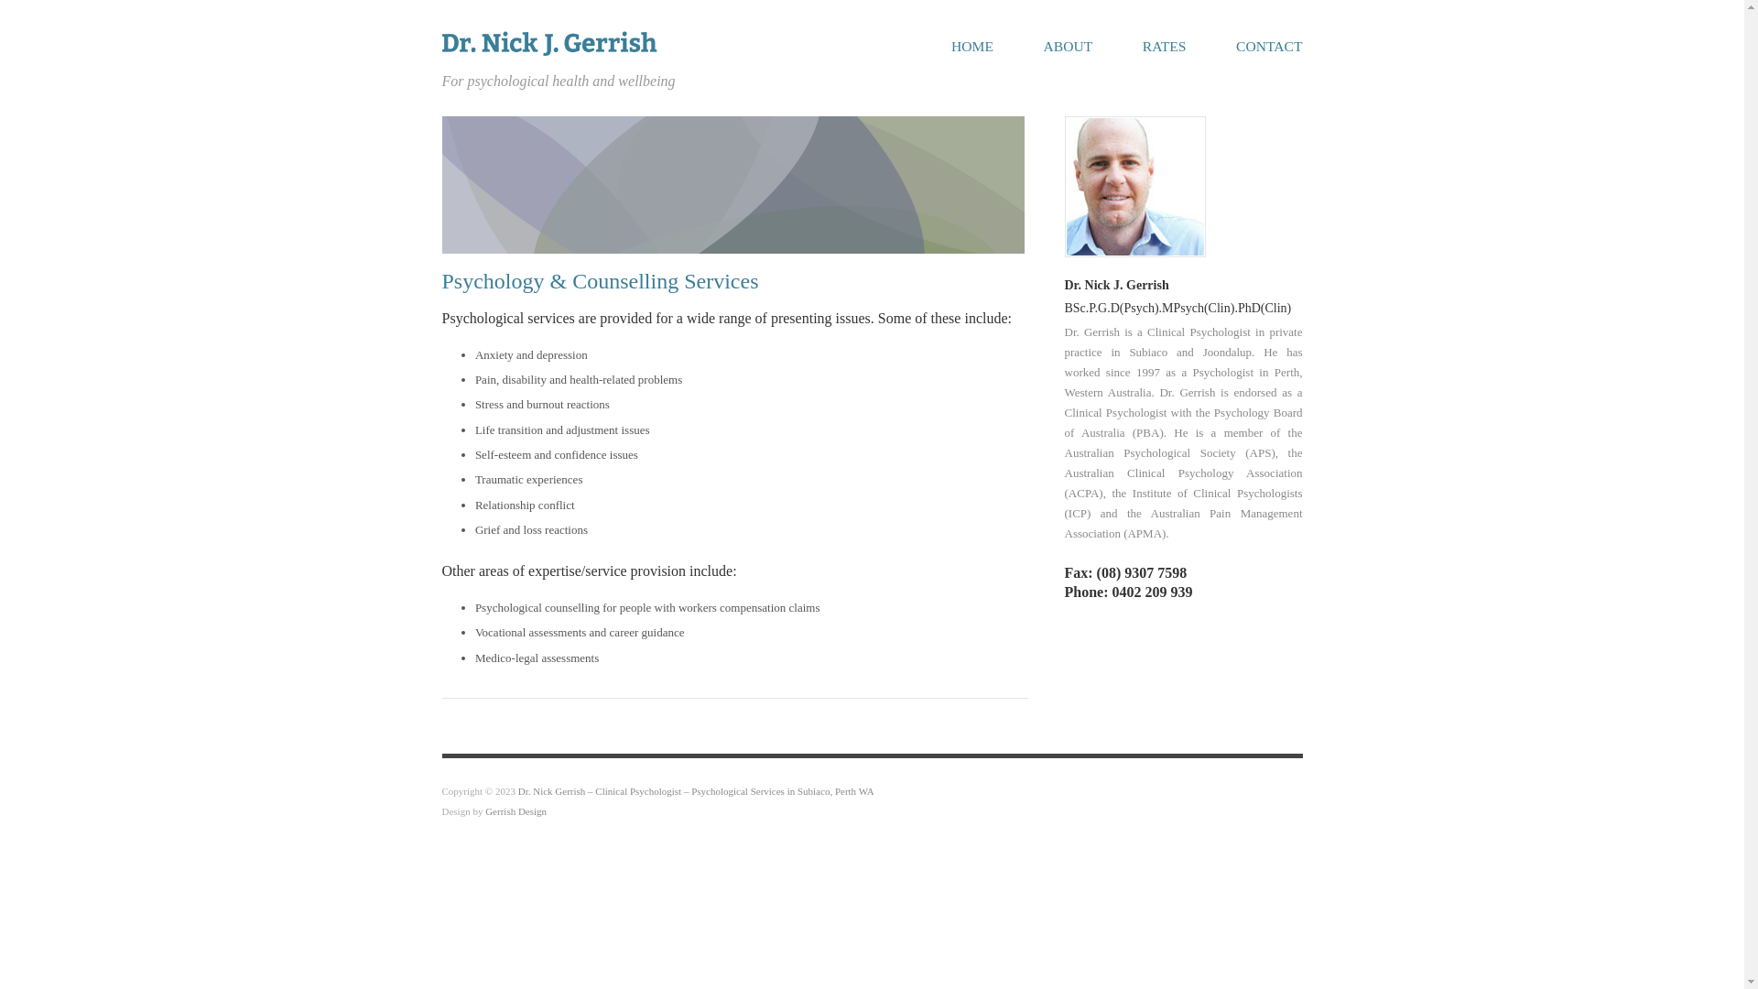  What do you see at coordinates (971, 45) in the screenshot?
I see `'HOME'` at bounding box center [971, 45].